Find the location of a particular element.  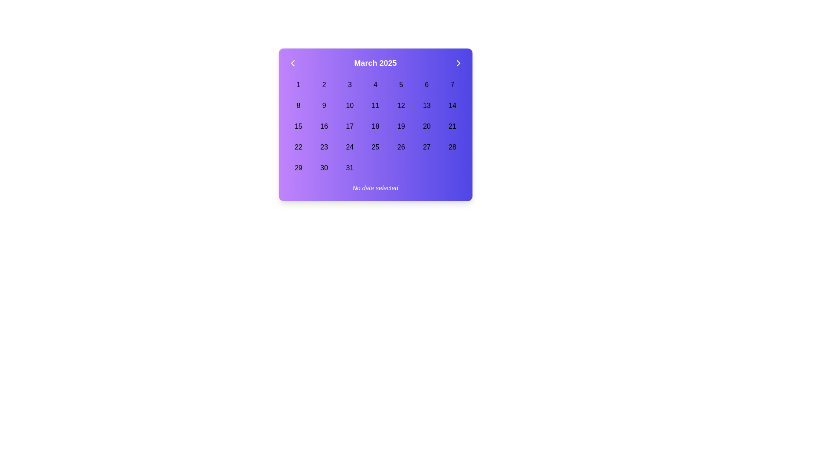

the text element representing the ninth day of March 2025 in the calendar view is located at coordinates (324, 105).